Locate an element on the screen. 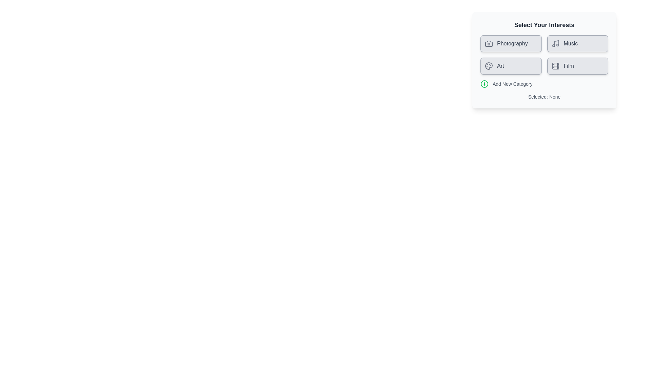 The height and width of the screenshot is (366, 651). the category chip labeled Film is located at coordinates (577, 66).